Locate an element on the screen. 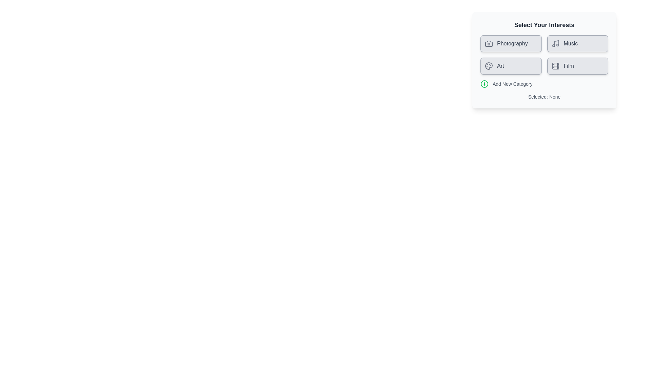 The height and width of the screenshot is (366, 651). the category chip labeled Film is located at coordinates (577, 66).